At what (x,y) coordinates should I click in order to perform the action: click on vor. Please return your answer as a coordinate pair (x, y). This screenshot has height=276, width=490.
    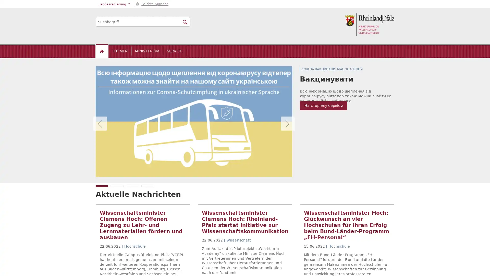
    Looking at the image, I should click on (288, 123).